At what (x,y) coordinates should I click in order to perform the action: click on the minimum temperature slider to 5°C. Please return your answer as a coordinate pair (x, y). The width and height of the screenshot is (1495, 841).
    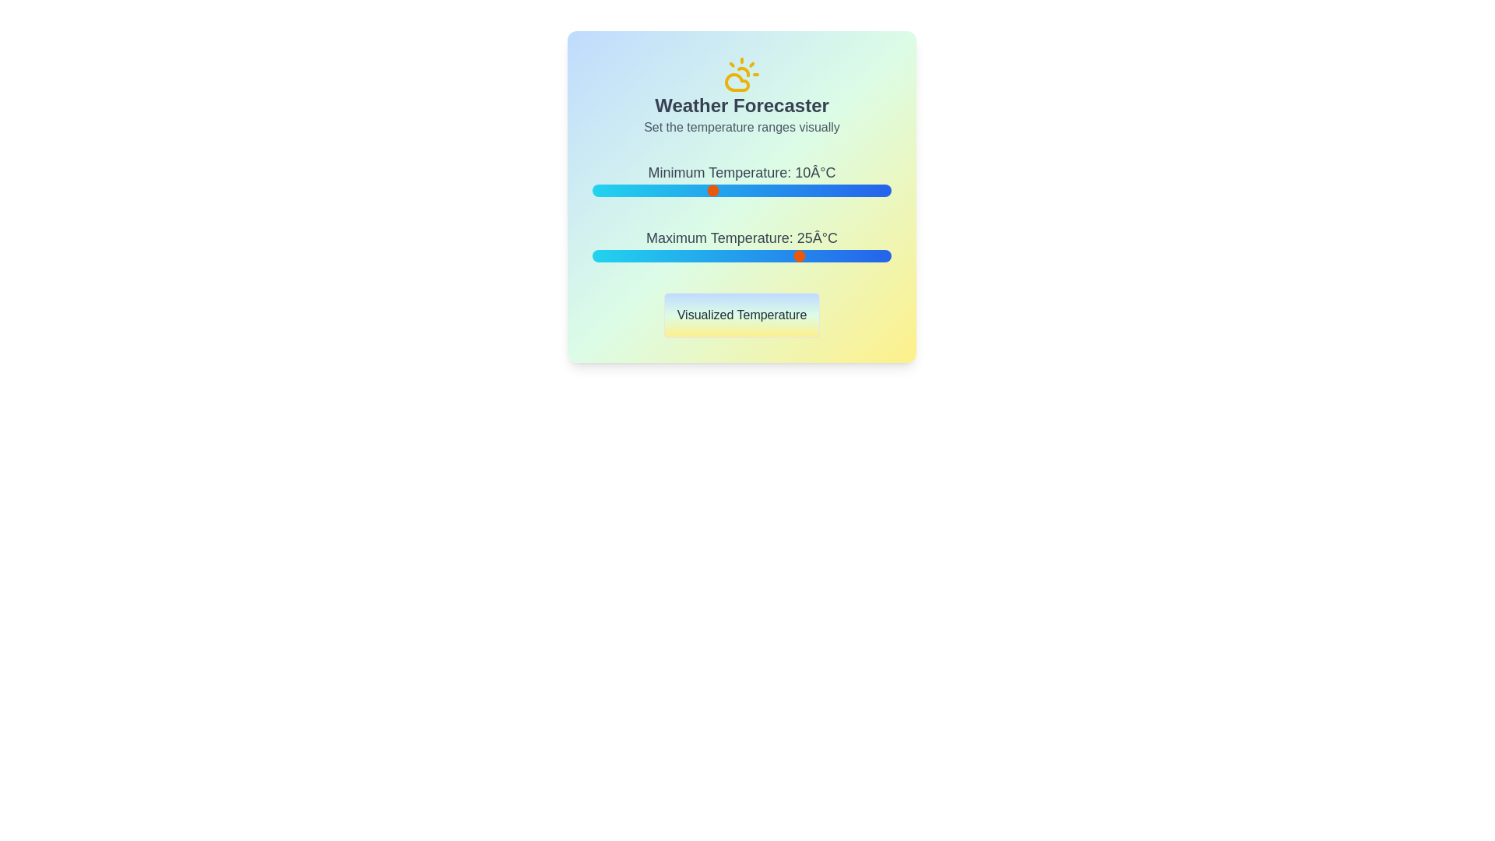
    Looking at the image, I should click on (682, 190).